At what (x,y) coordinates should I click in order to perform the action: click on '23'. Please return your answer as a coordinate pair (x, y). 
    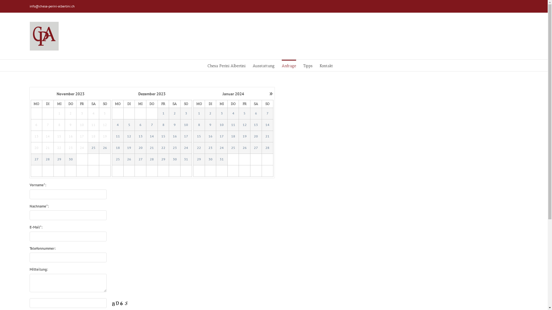
    Looking at the image, I should click on (210, 148).